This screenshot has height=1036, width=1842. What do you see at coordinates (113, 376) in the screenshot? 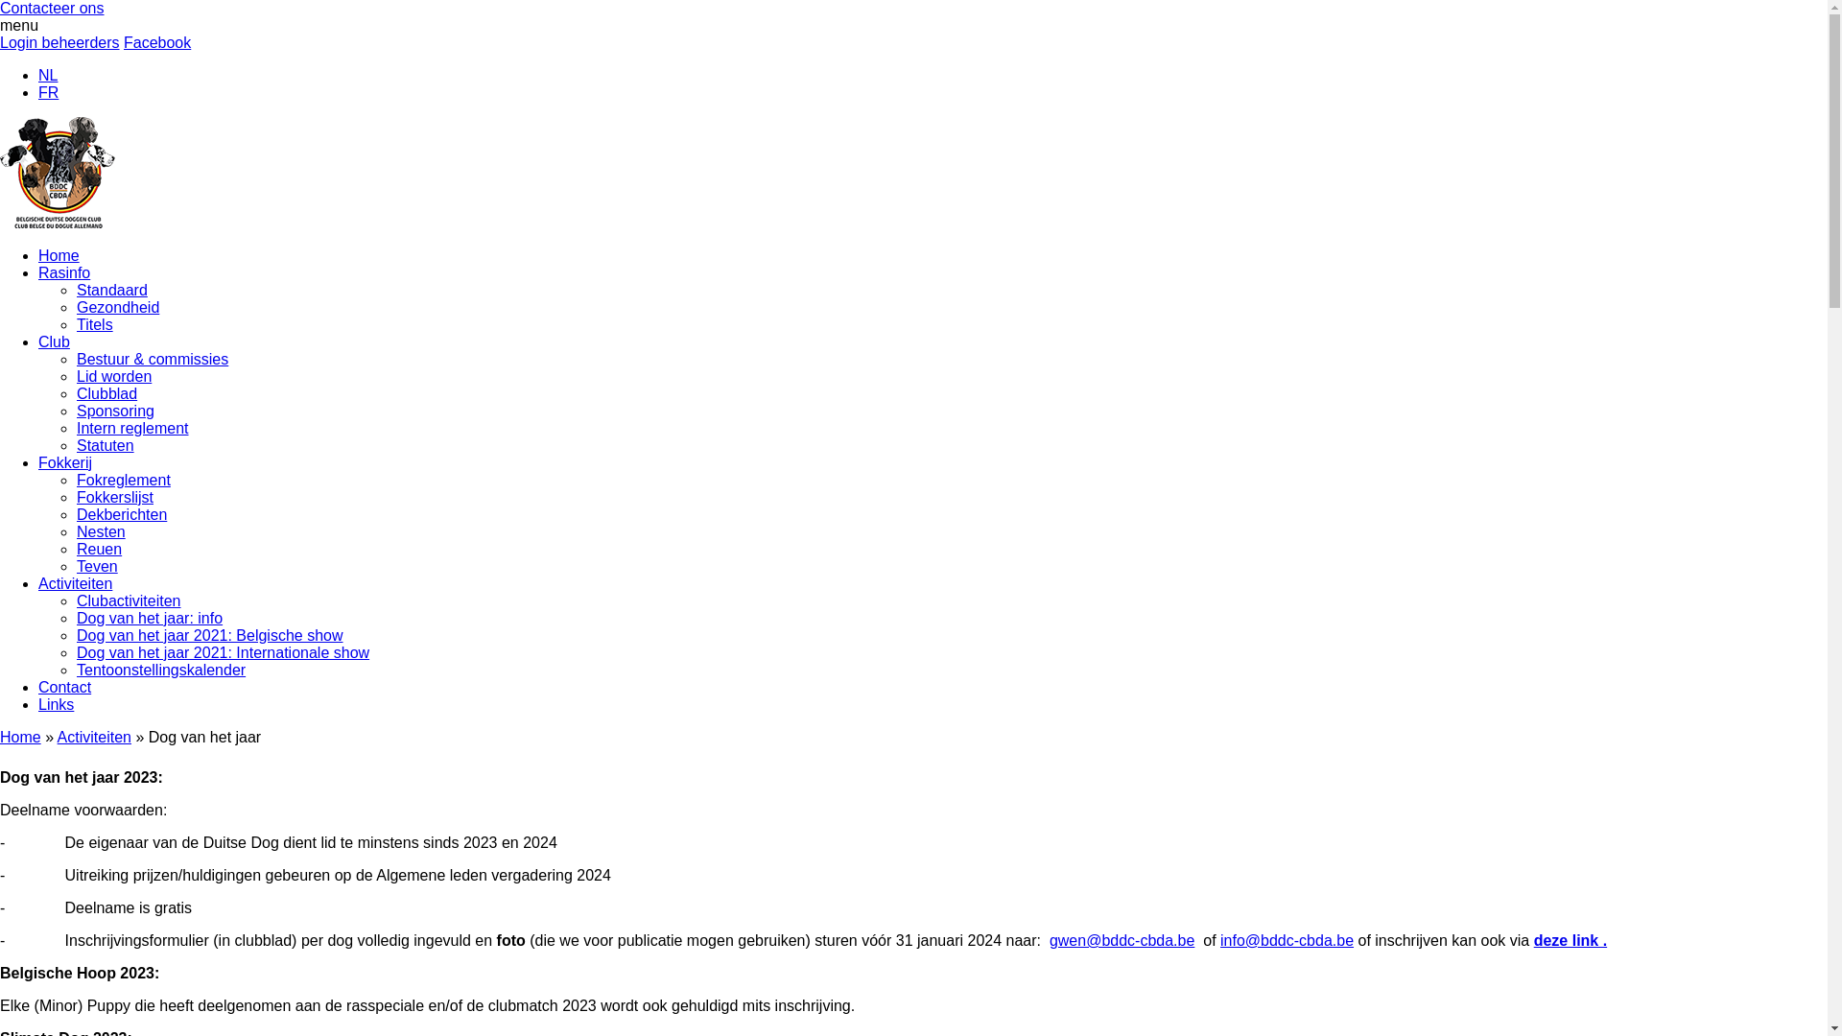
I see `'Lid worden'` at bounding box center [113, 376].